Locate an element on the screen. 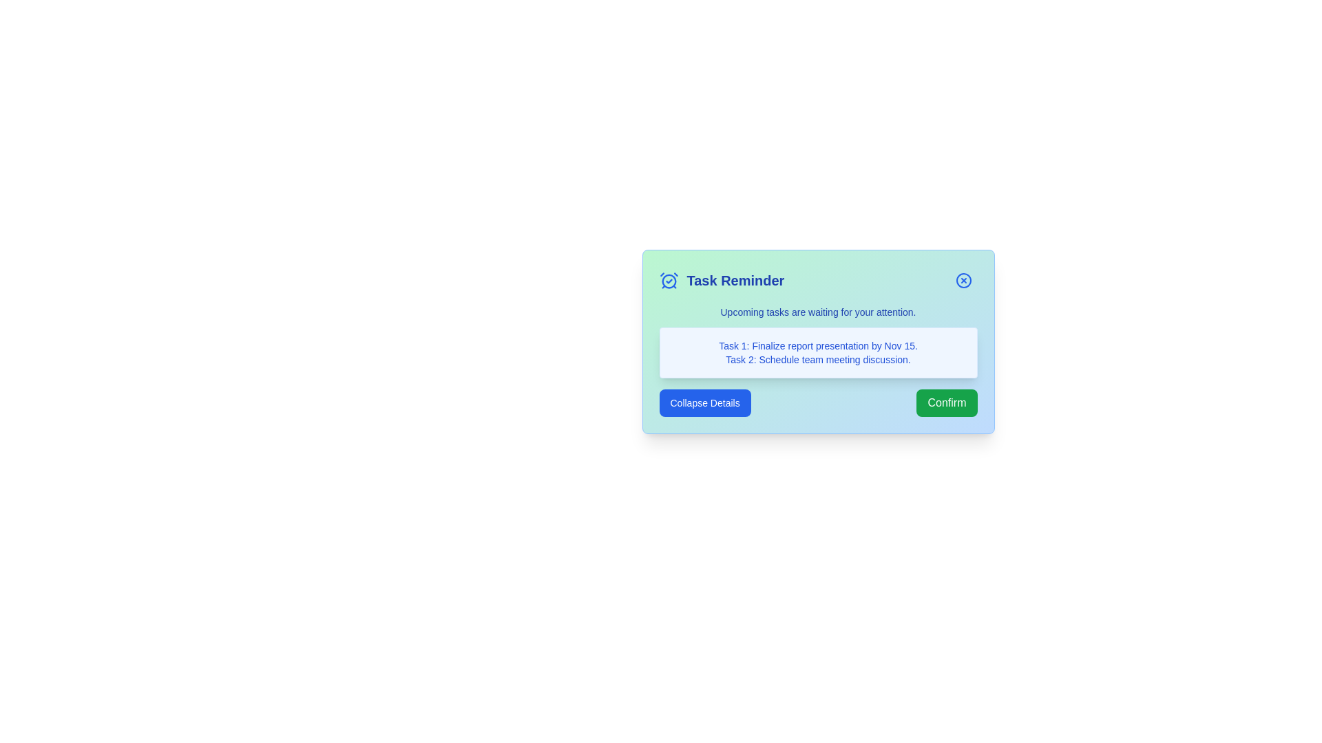 The width and height of the screenshot is (1322, 743). the 'Confirm' button to acknowledge the task reminder is located at coordinates (945, 402).